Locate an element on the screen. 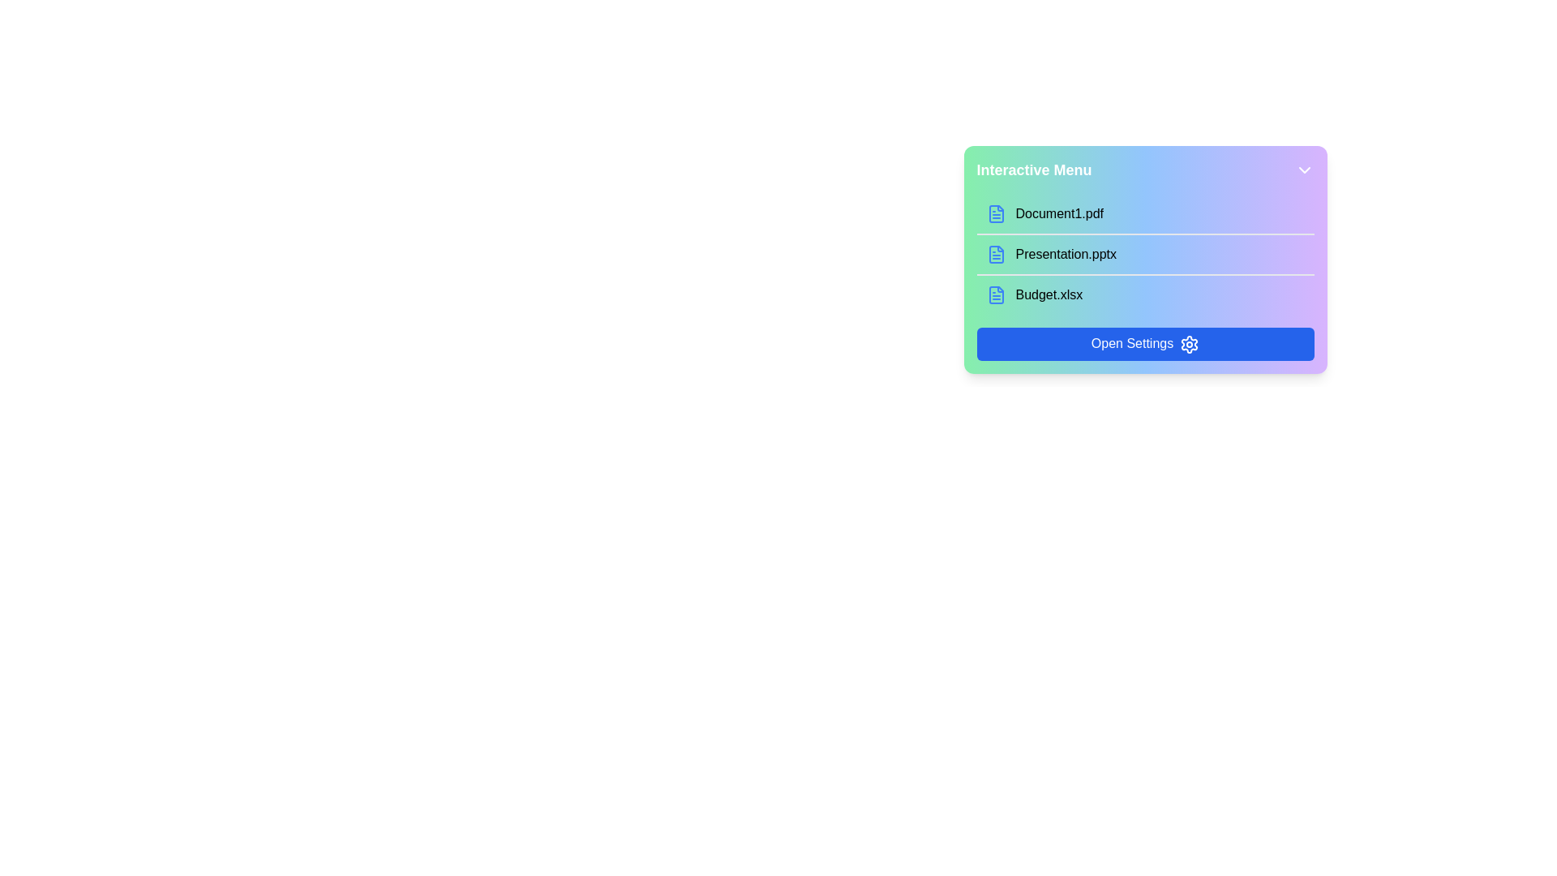 The width and height of the screenshot is (1557, 876). the selectable menu item for the file 'Presentation.pptx' is located at coordinates (1144, 253).